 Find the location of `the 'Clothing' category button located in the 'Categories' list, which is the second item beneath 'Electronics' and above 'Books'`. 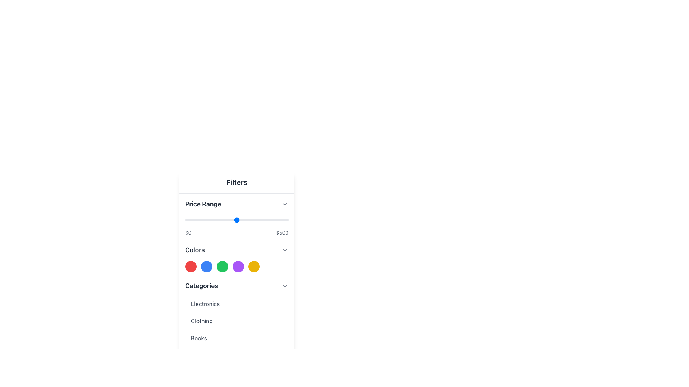

the 'Clothing' category button located in the 'Categories' list, which is the second item beneath 'Electronics' and above 'Books' is located at coordinates (237, 320).